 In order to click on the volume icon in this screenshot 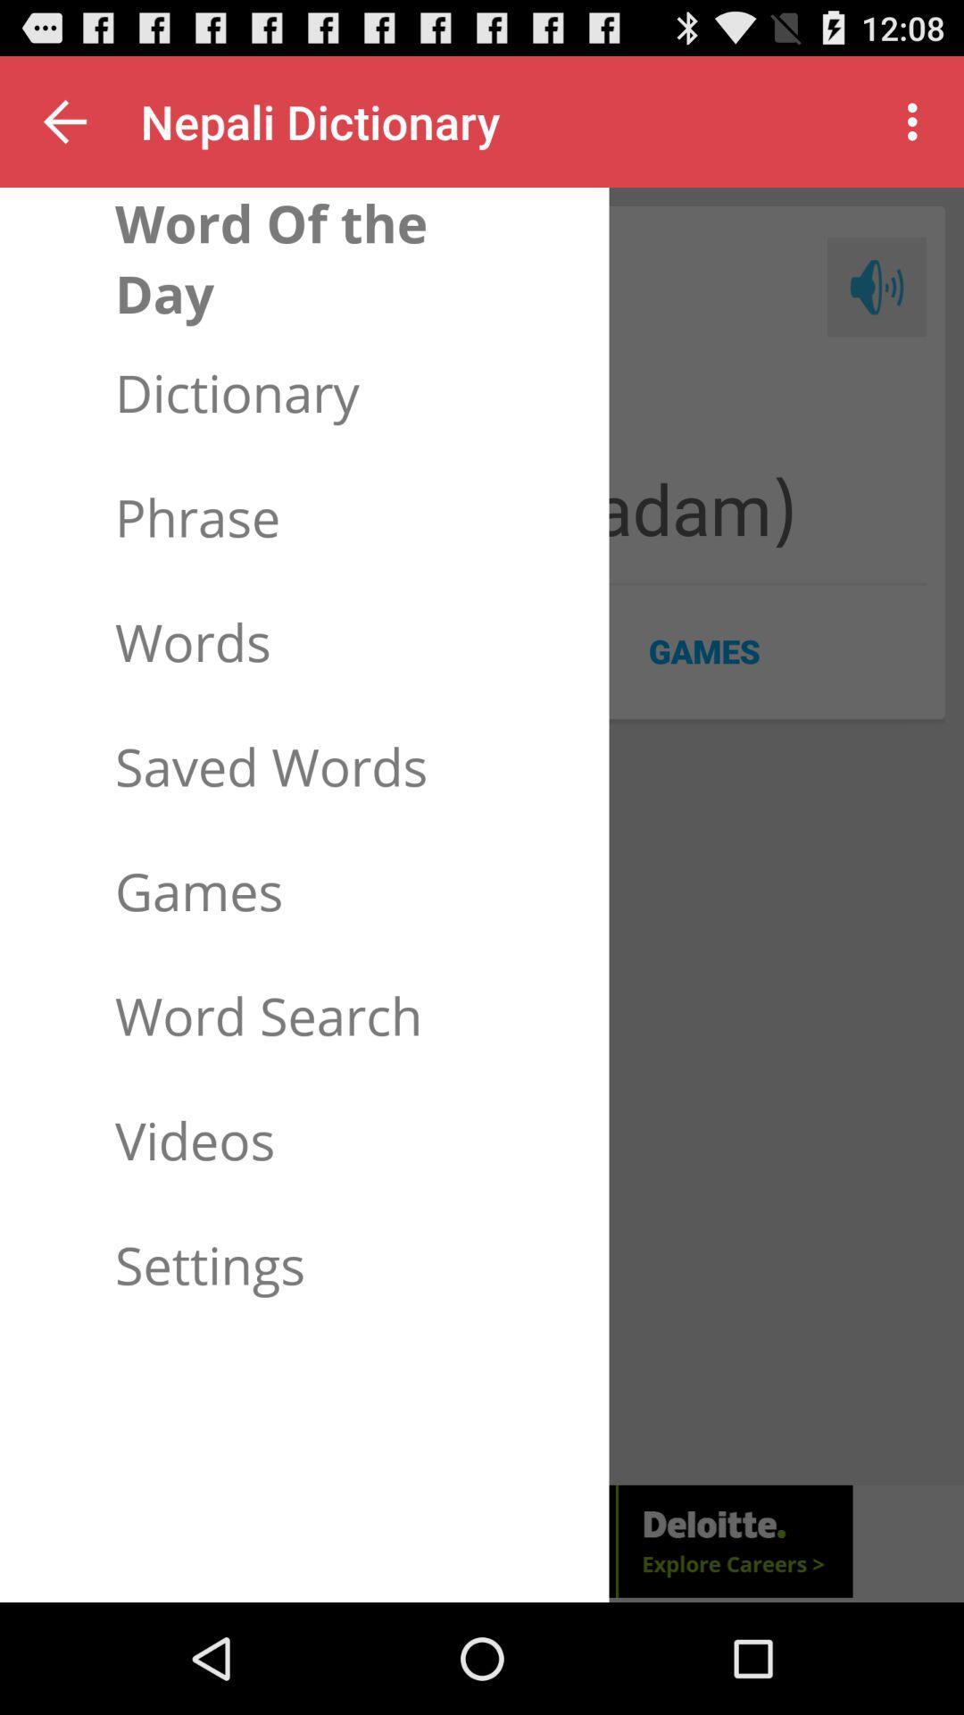, I will do `click(876, 307)`.